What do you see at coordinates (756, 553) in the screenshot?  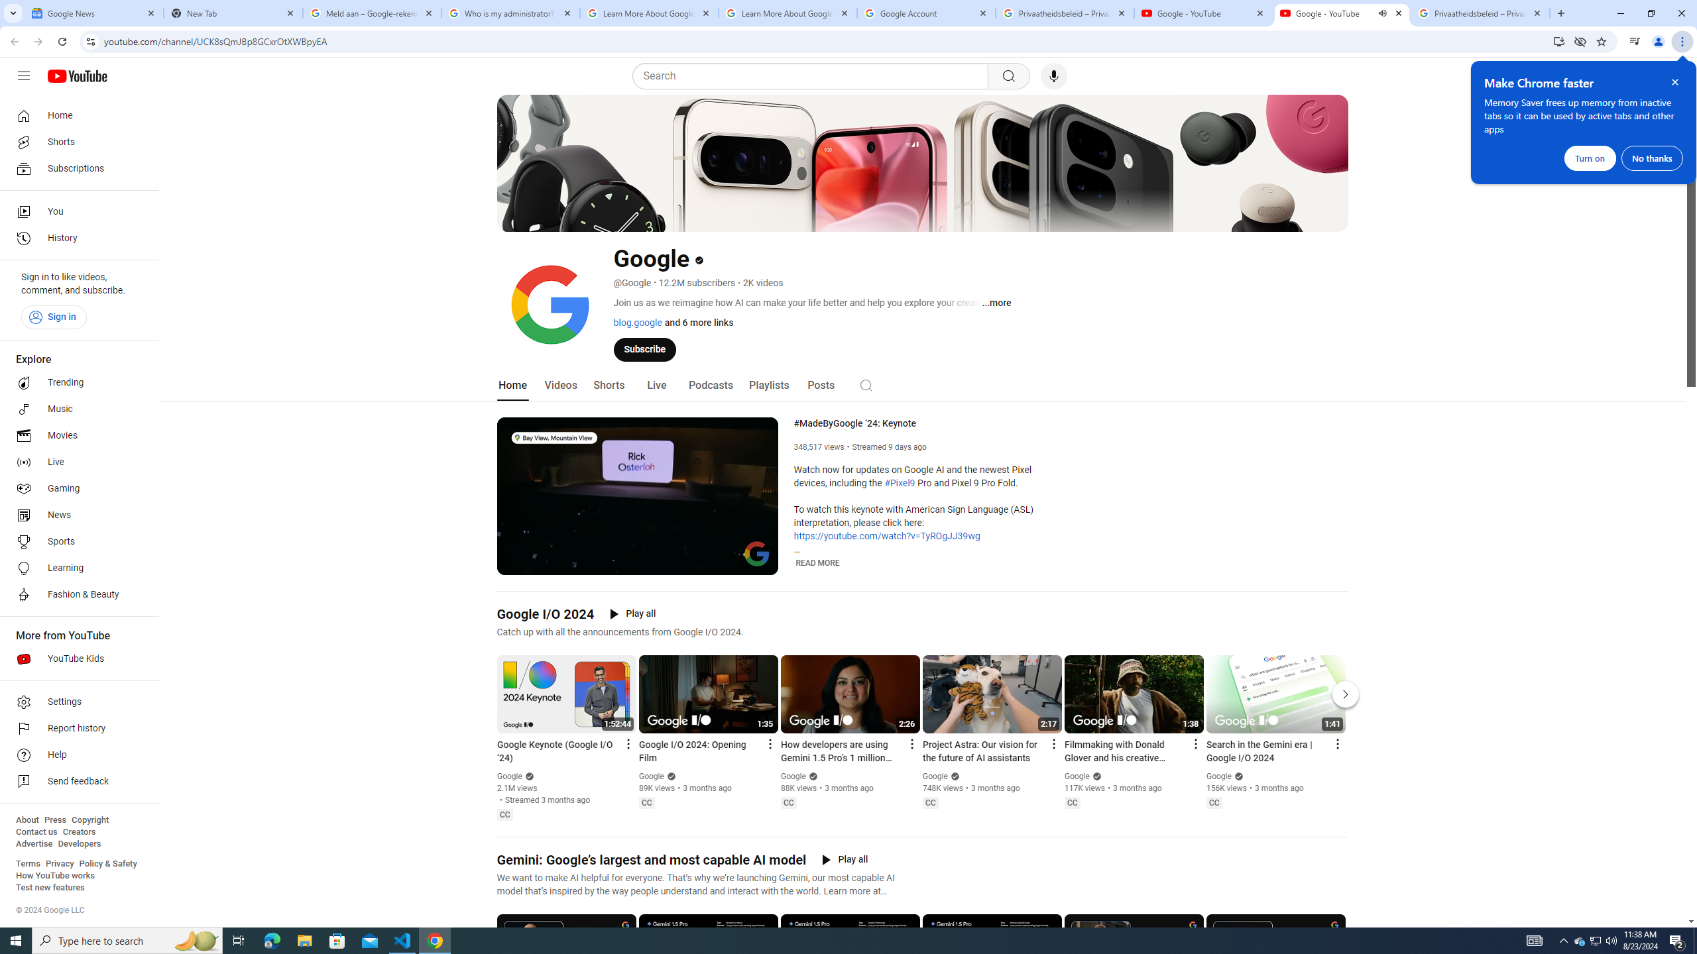 I see `'Channel watermark'` at bounding box center [756, 553].